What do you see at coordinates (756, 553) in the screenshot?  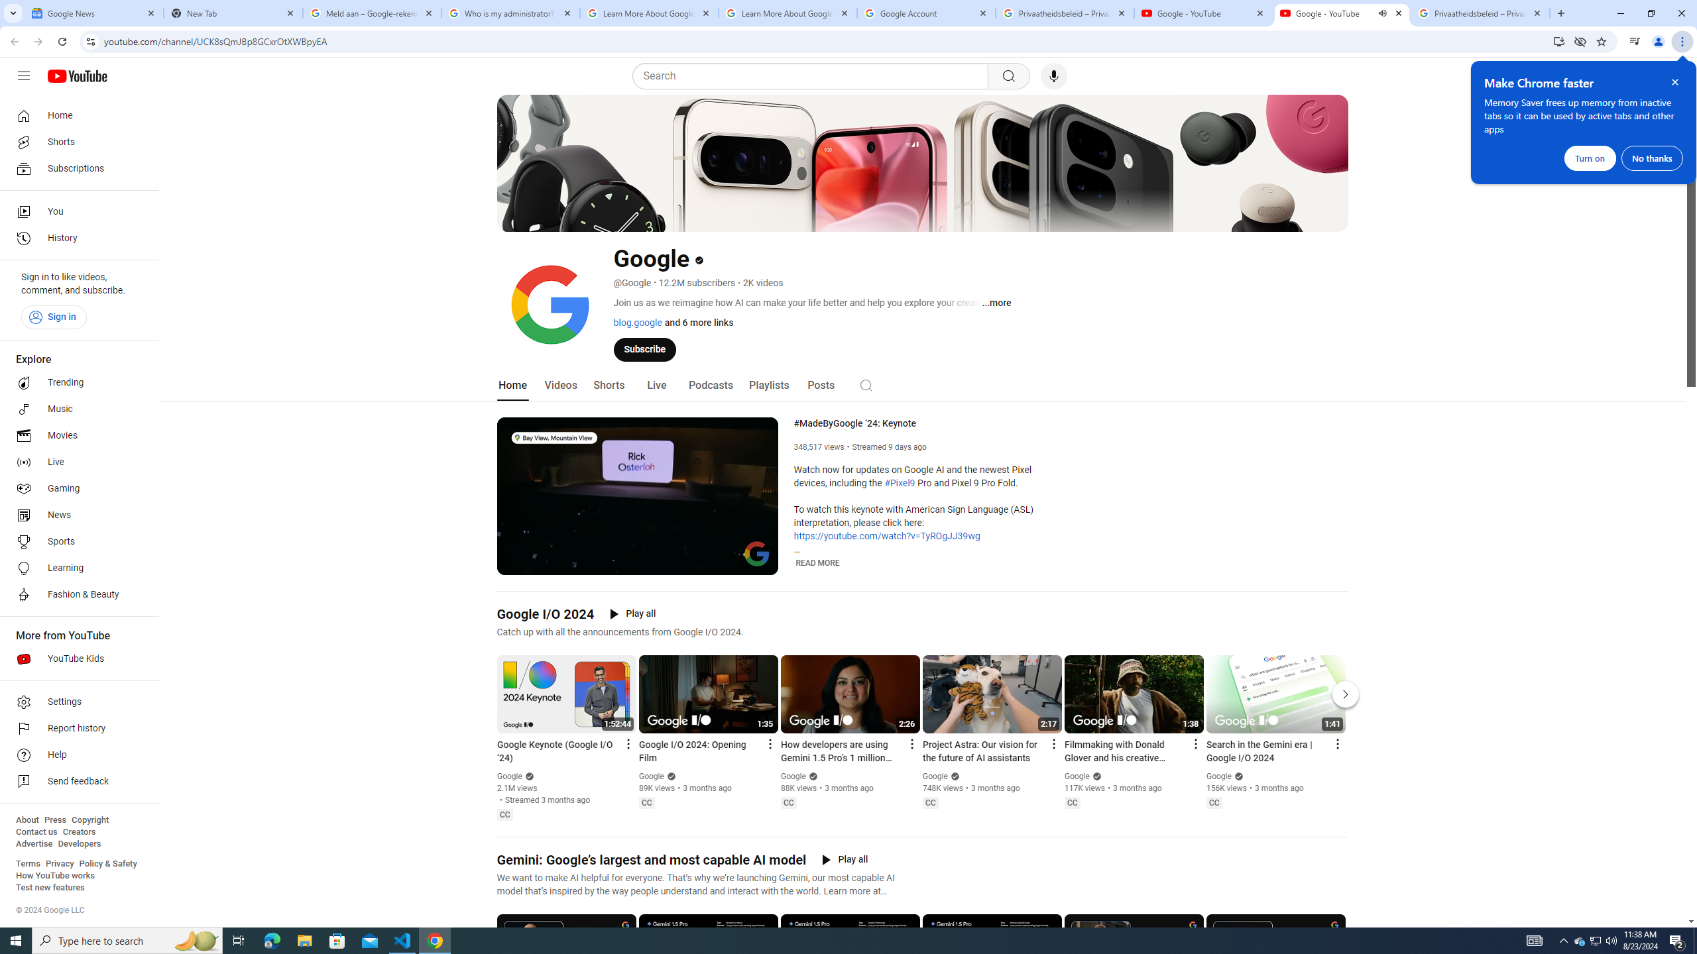 I see `'Channel watermark'` at bounding box center [756, 553].